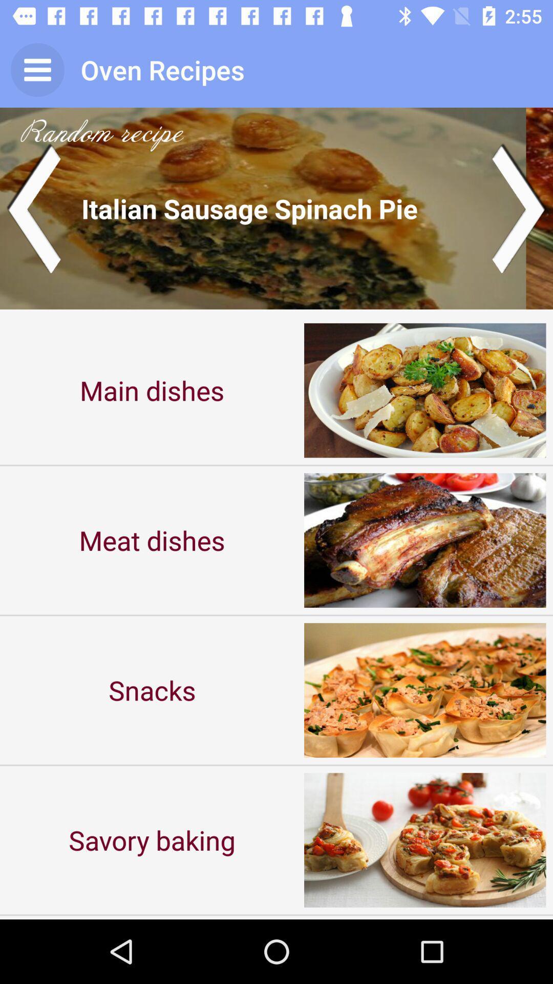  I want to click on the item below the savory baking, so click(152, 917).